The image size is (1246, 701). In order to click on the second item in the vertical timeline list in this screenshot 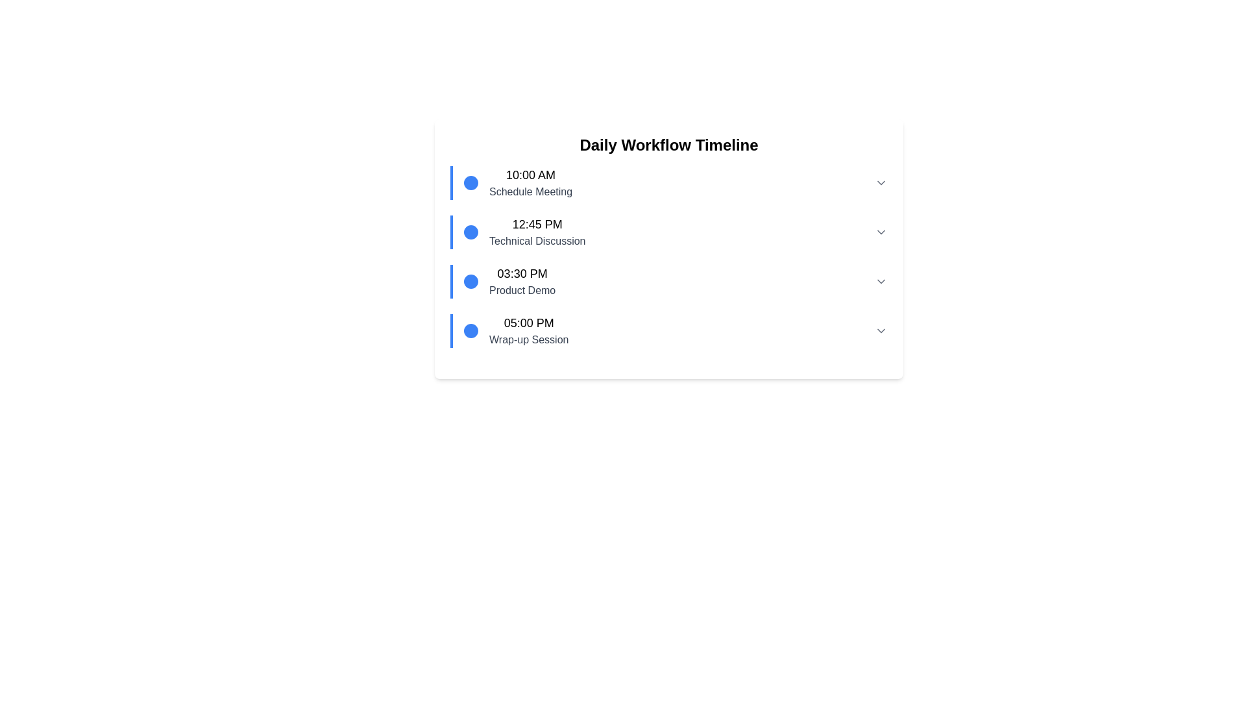, I will do `click(675, 232)`.